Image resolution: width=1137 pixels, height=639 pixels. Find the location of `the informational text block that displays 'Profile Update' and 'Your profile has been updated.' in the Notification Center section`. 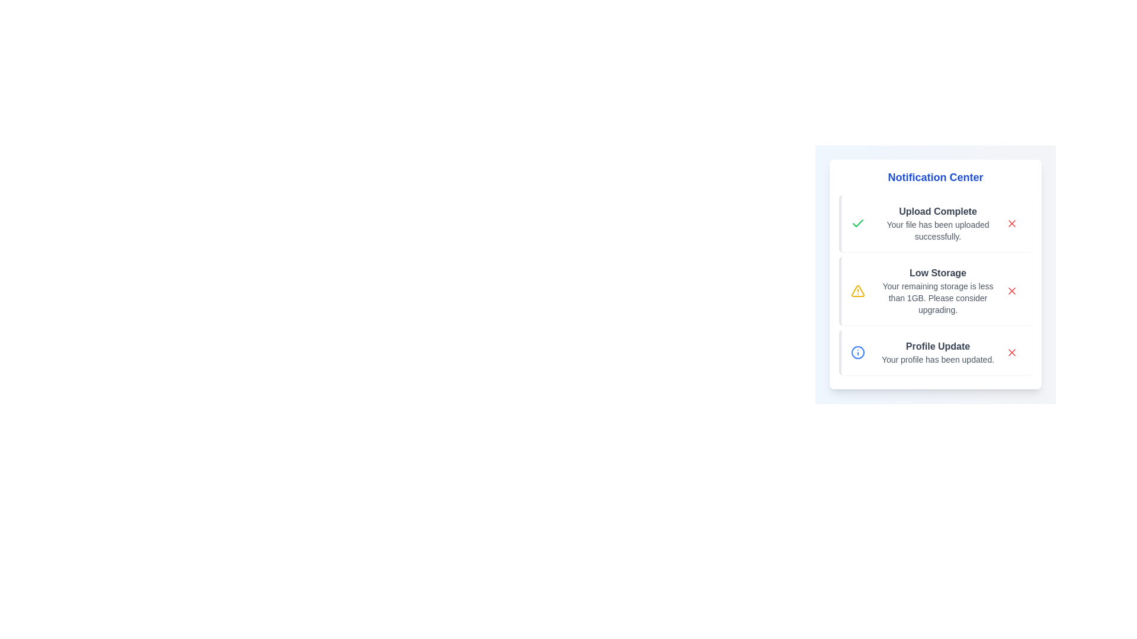

the informational text block that displays 'Profile Update' and 'Your profile has been updated.' in the Notification Center section is located at coordinates (937, 352).